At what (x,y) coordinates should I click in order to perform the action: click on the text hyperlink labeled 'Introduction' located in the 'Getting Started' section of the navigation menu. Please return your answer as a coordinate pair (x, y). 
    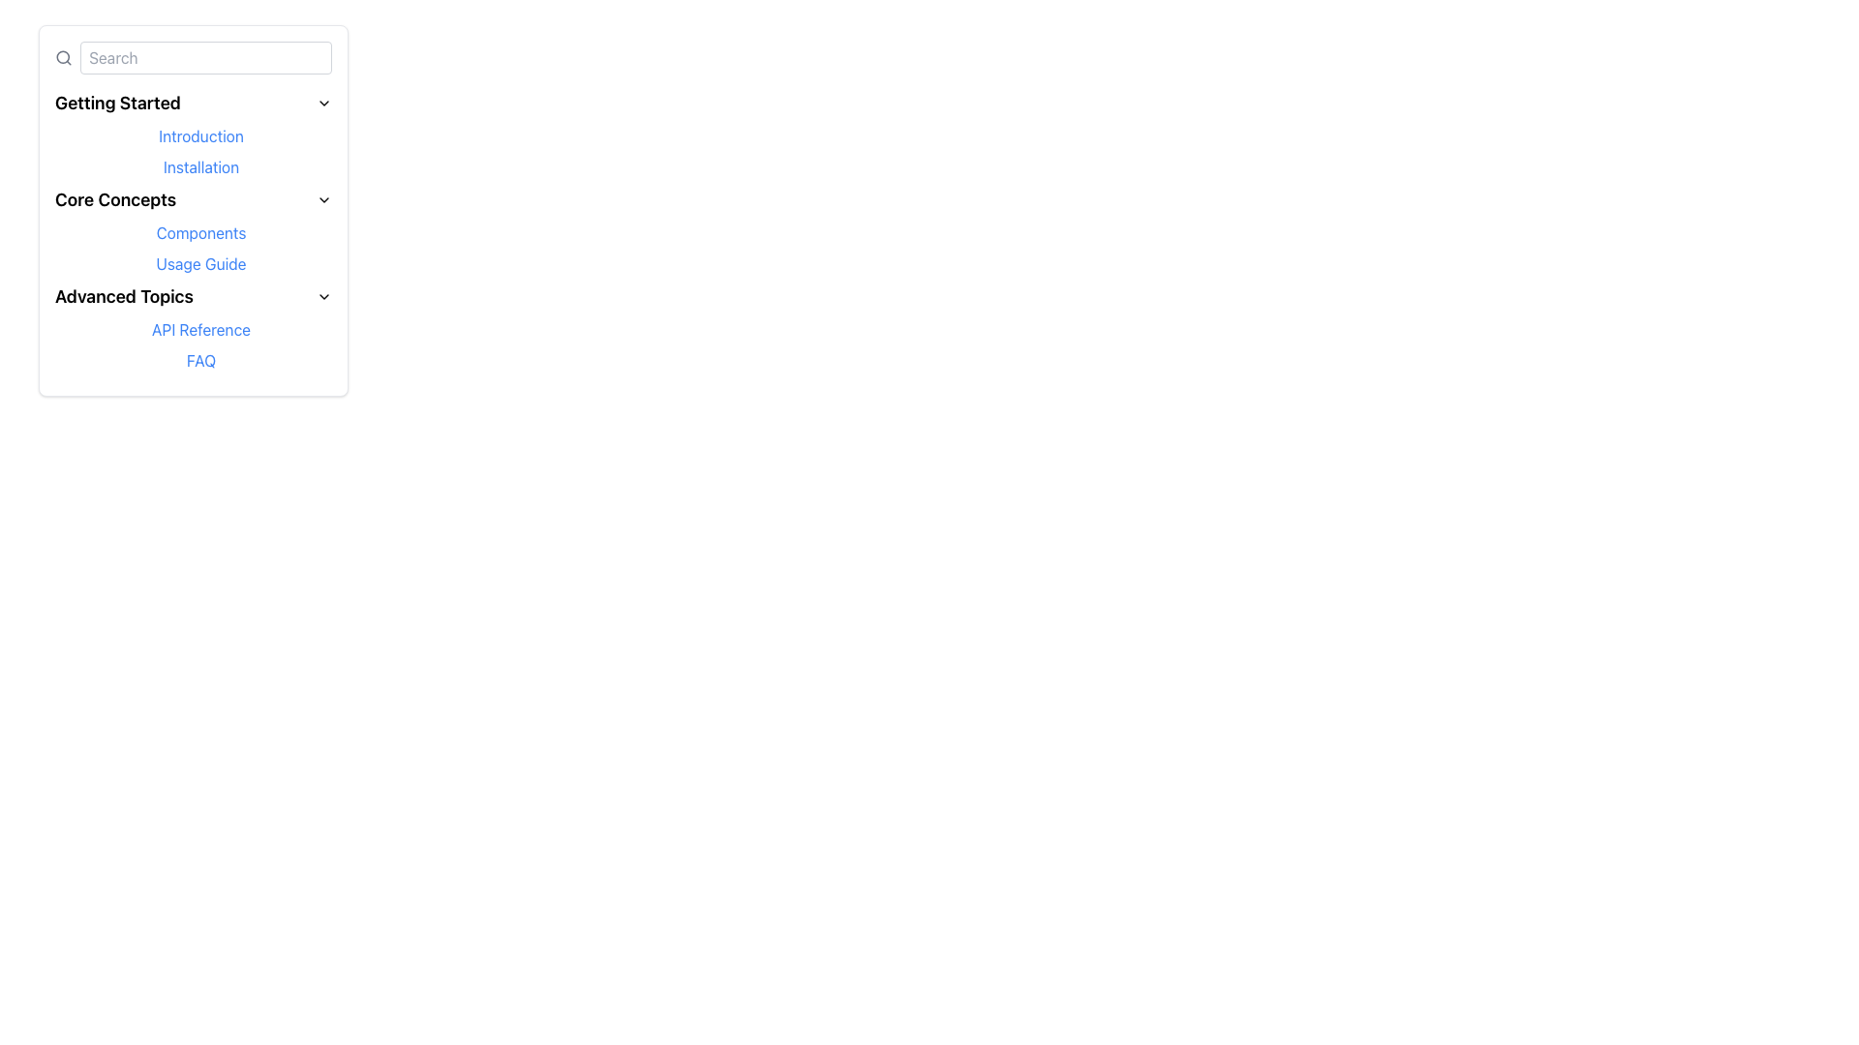
    Looking at the image, I should click on (200, 135).